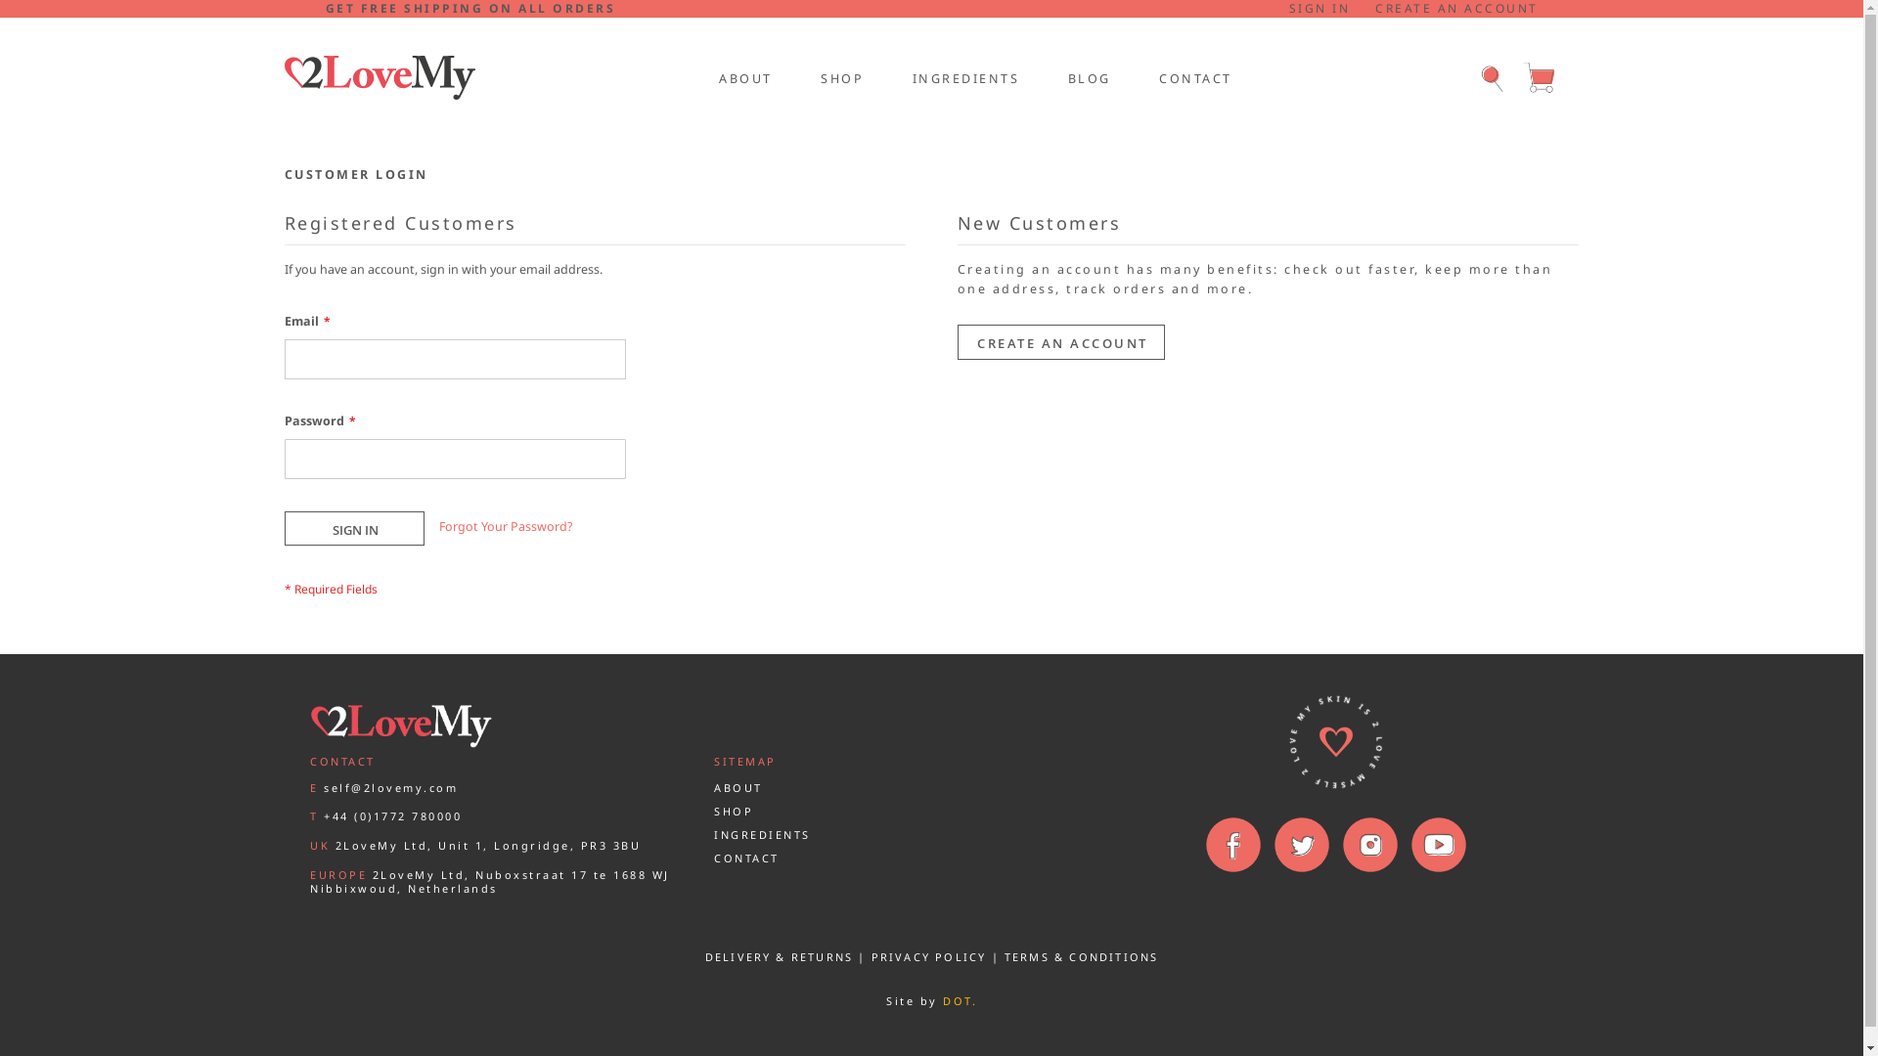 The image size is (1878, 1056). Describe the element at coordinates (712, 834) in the screenshot. I see `'INGREDIENTS'` at that location.